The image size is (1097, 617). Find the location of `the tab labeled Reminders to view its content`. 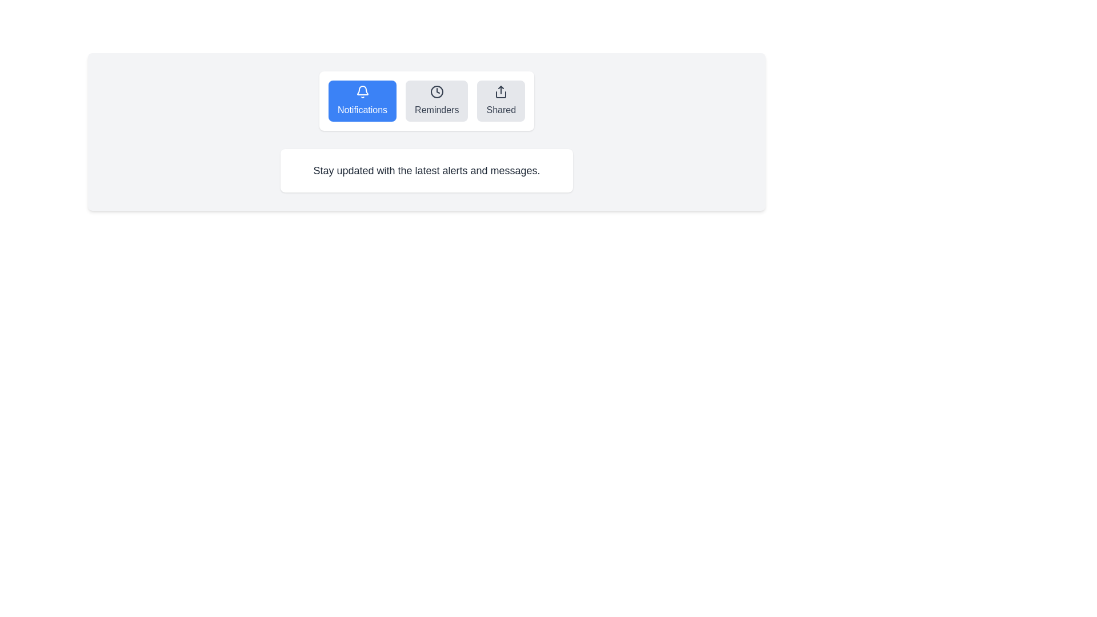

the tab labeled Reminders to view its content is located at coordinates (436, 101).